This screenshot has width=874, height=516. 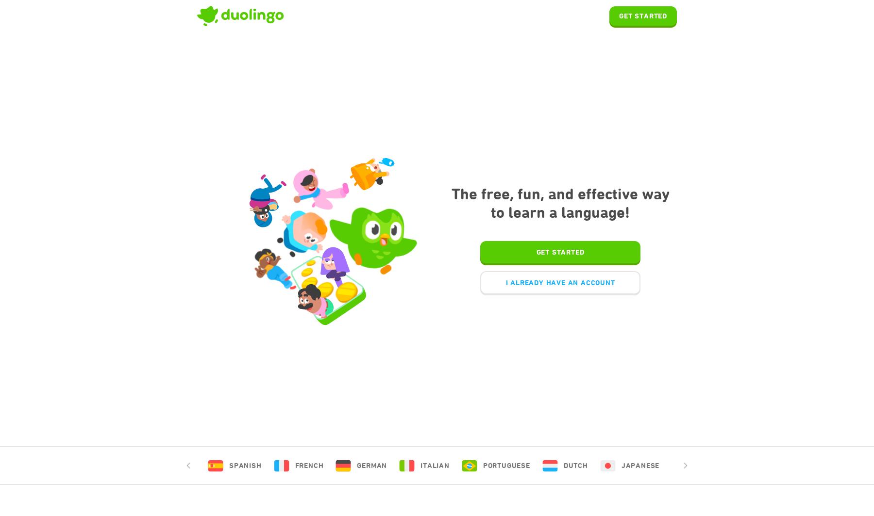 What do you see at coordinates (435, 466) in the screenshot?
I see `'Italian'` at bounding box center [435, 466].